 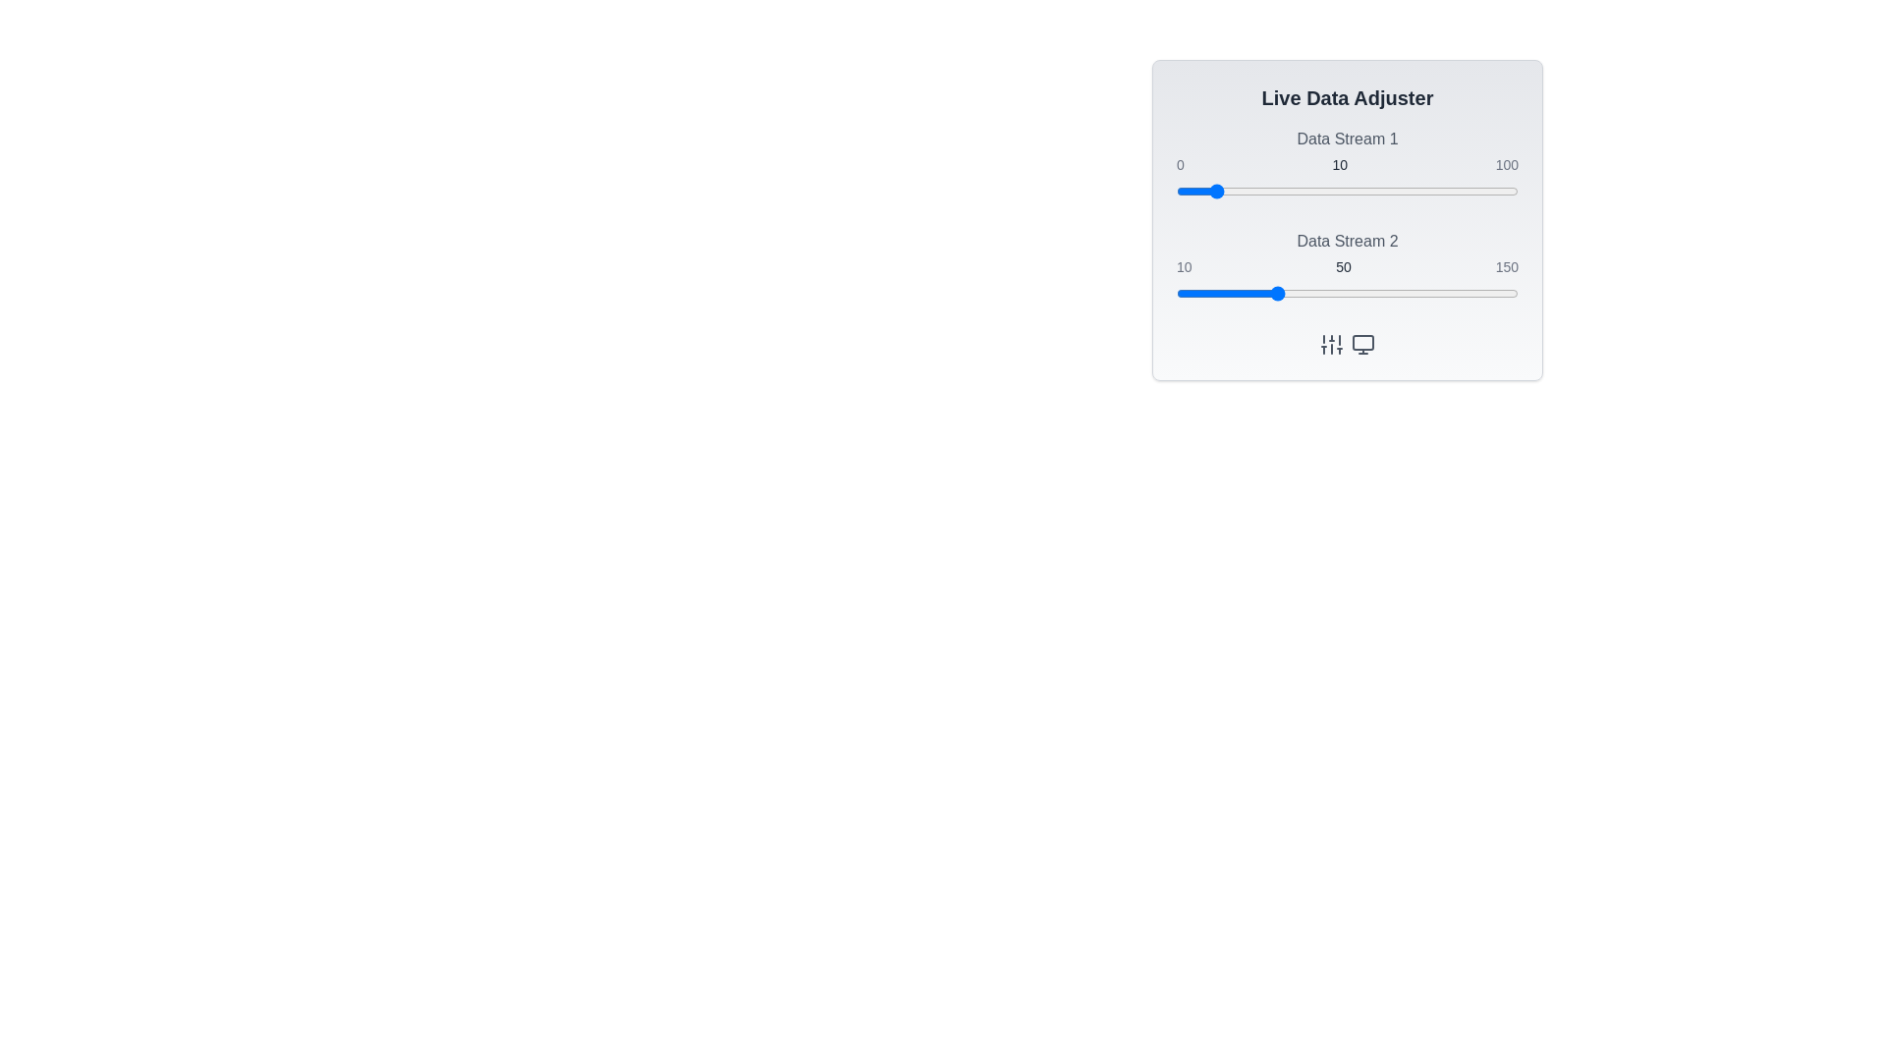 What do you see at coordinates (1450, 294) in the screenshot?
I see `the slider value` at bounding box center [1450, 294].